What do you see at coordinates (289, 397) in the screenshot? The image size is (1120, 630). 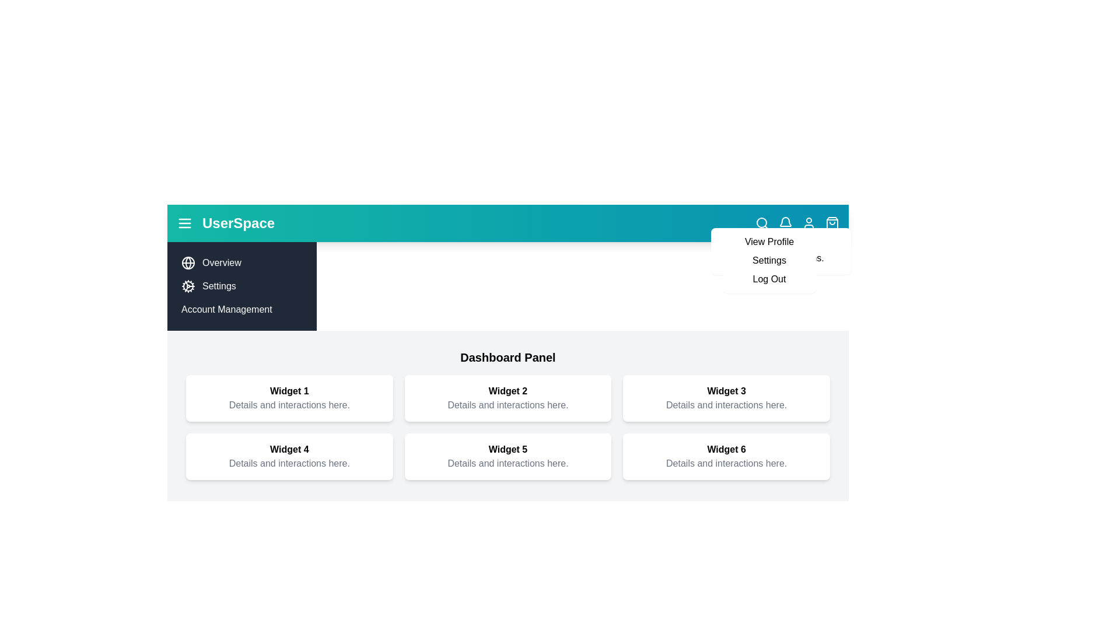 I see `the first card in the grid layout of widgets, which presents information or provides an entry point for interactions related to 'Widget 1'` at bounding box center [289, 397].